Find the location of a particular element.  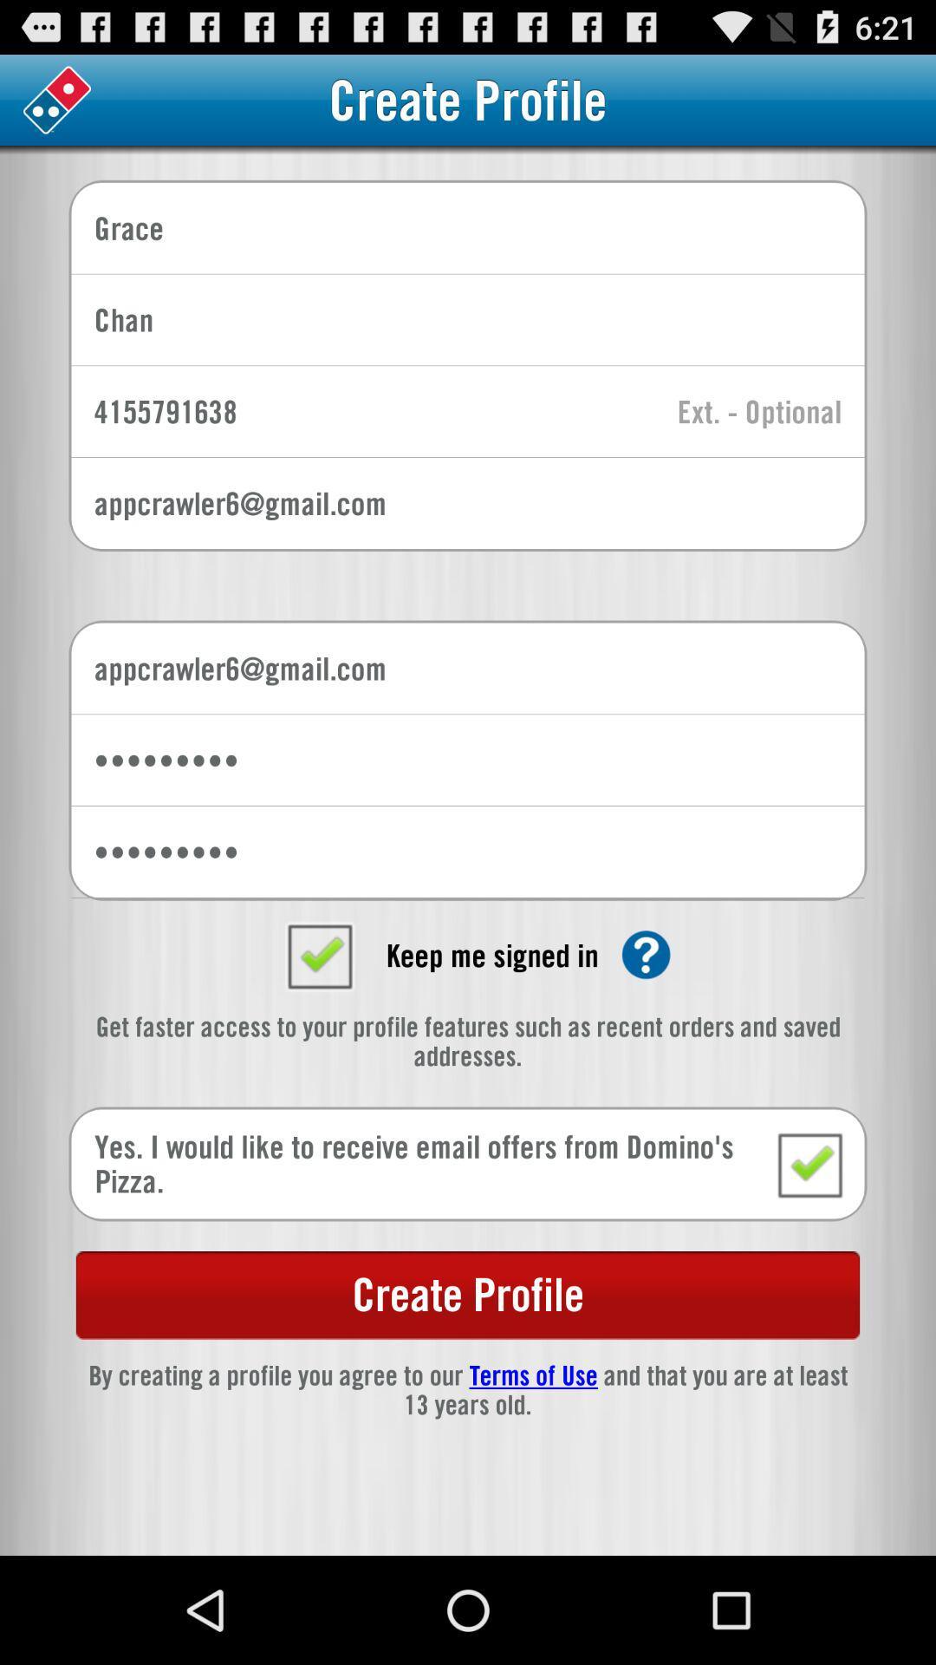

the help icon is located at coordinates (646, 1022).